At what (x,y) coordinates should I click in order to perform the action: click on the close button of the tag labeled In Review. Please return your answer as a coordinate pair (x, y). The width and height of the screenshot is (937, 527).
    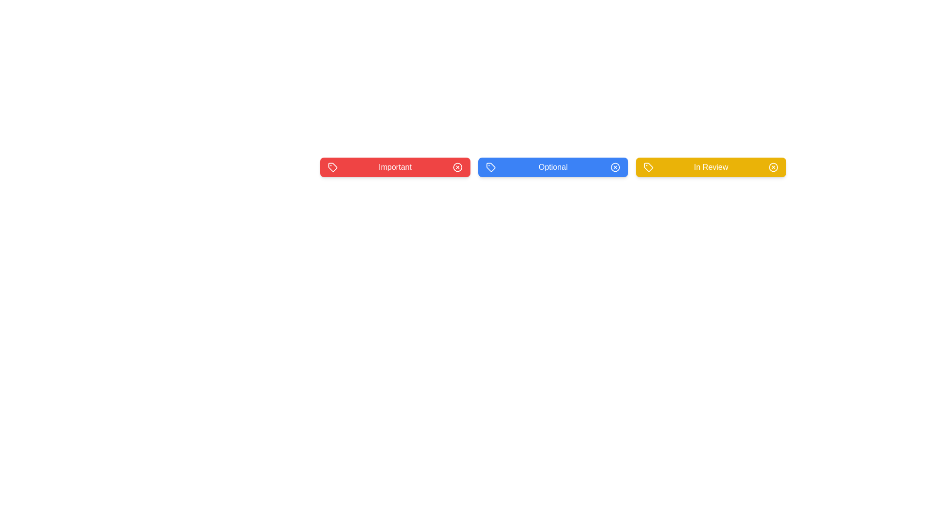
    Looking at the image, I should click on (773, 167).